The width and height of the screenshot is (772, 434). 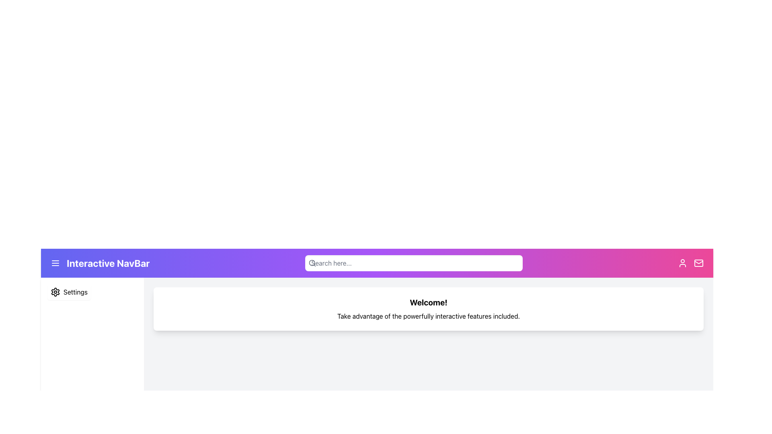 What do you see at coordinates (55, 292) in the screenshot?
I see `the gear-shaped icon in the vertical menu on the left side of the navigation bar` at bounding box center [55, 292].